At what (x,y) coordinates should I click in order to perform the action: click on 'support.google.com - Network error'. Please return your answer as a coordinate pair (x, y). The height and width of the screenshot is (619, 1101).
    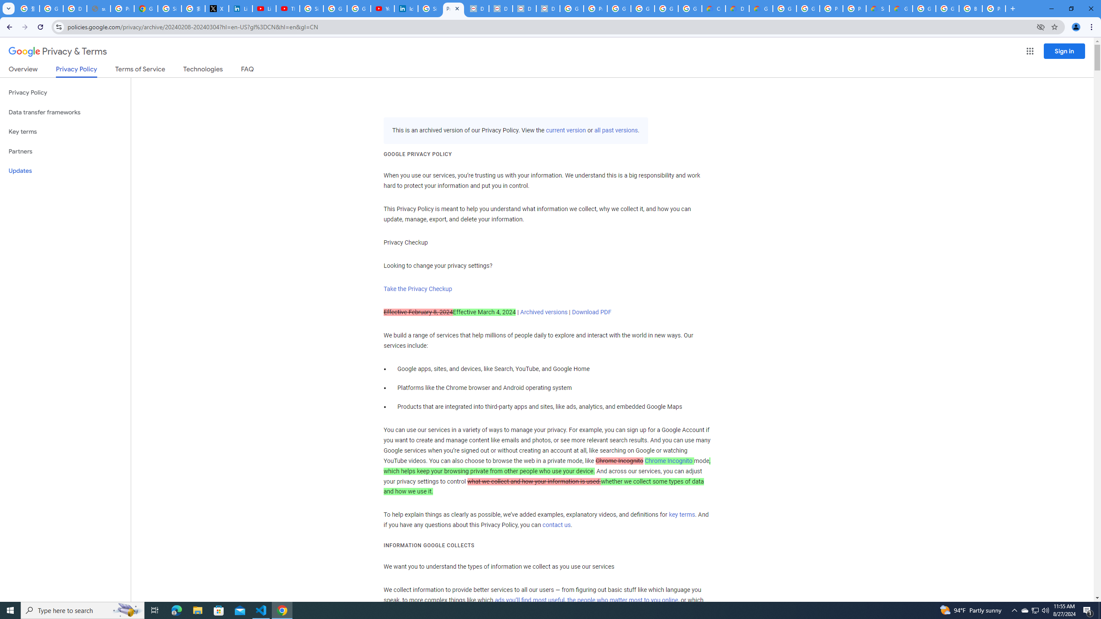
    Looking at the image, I should click on (98, 8).